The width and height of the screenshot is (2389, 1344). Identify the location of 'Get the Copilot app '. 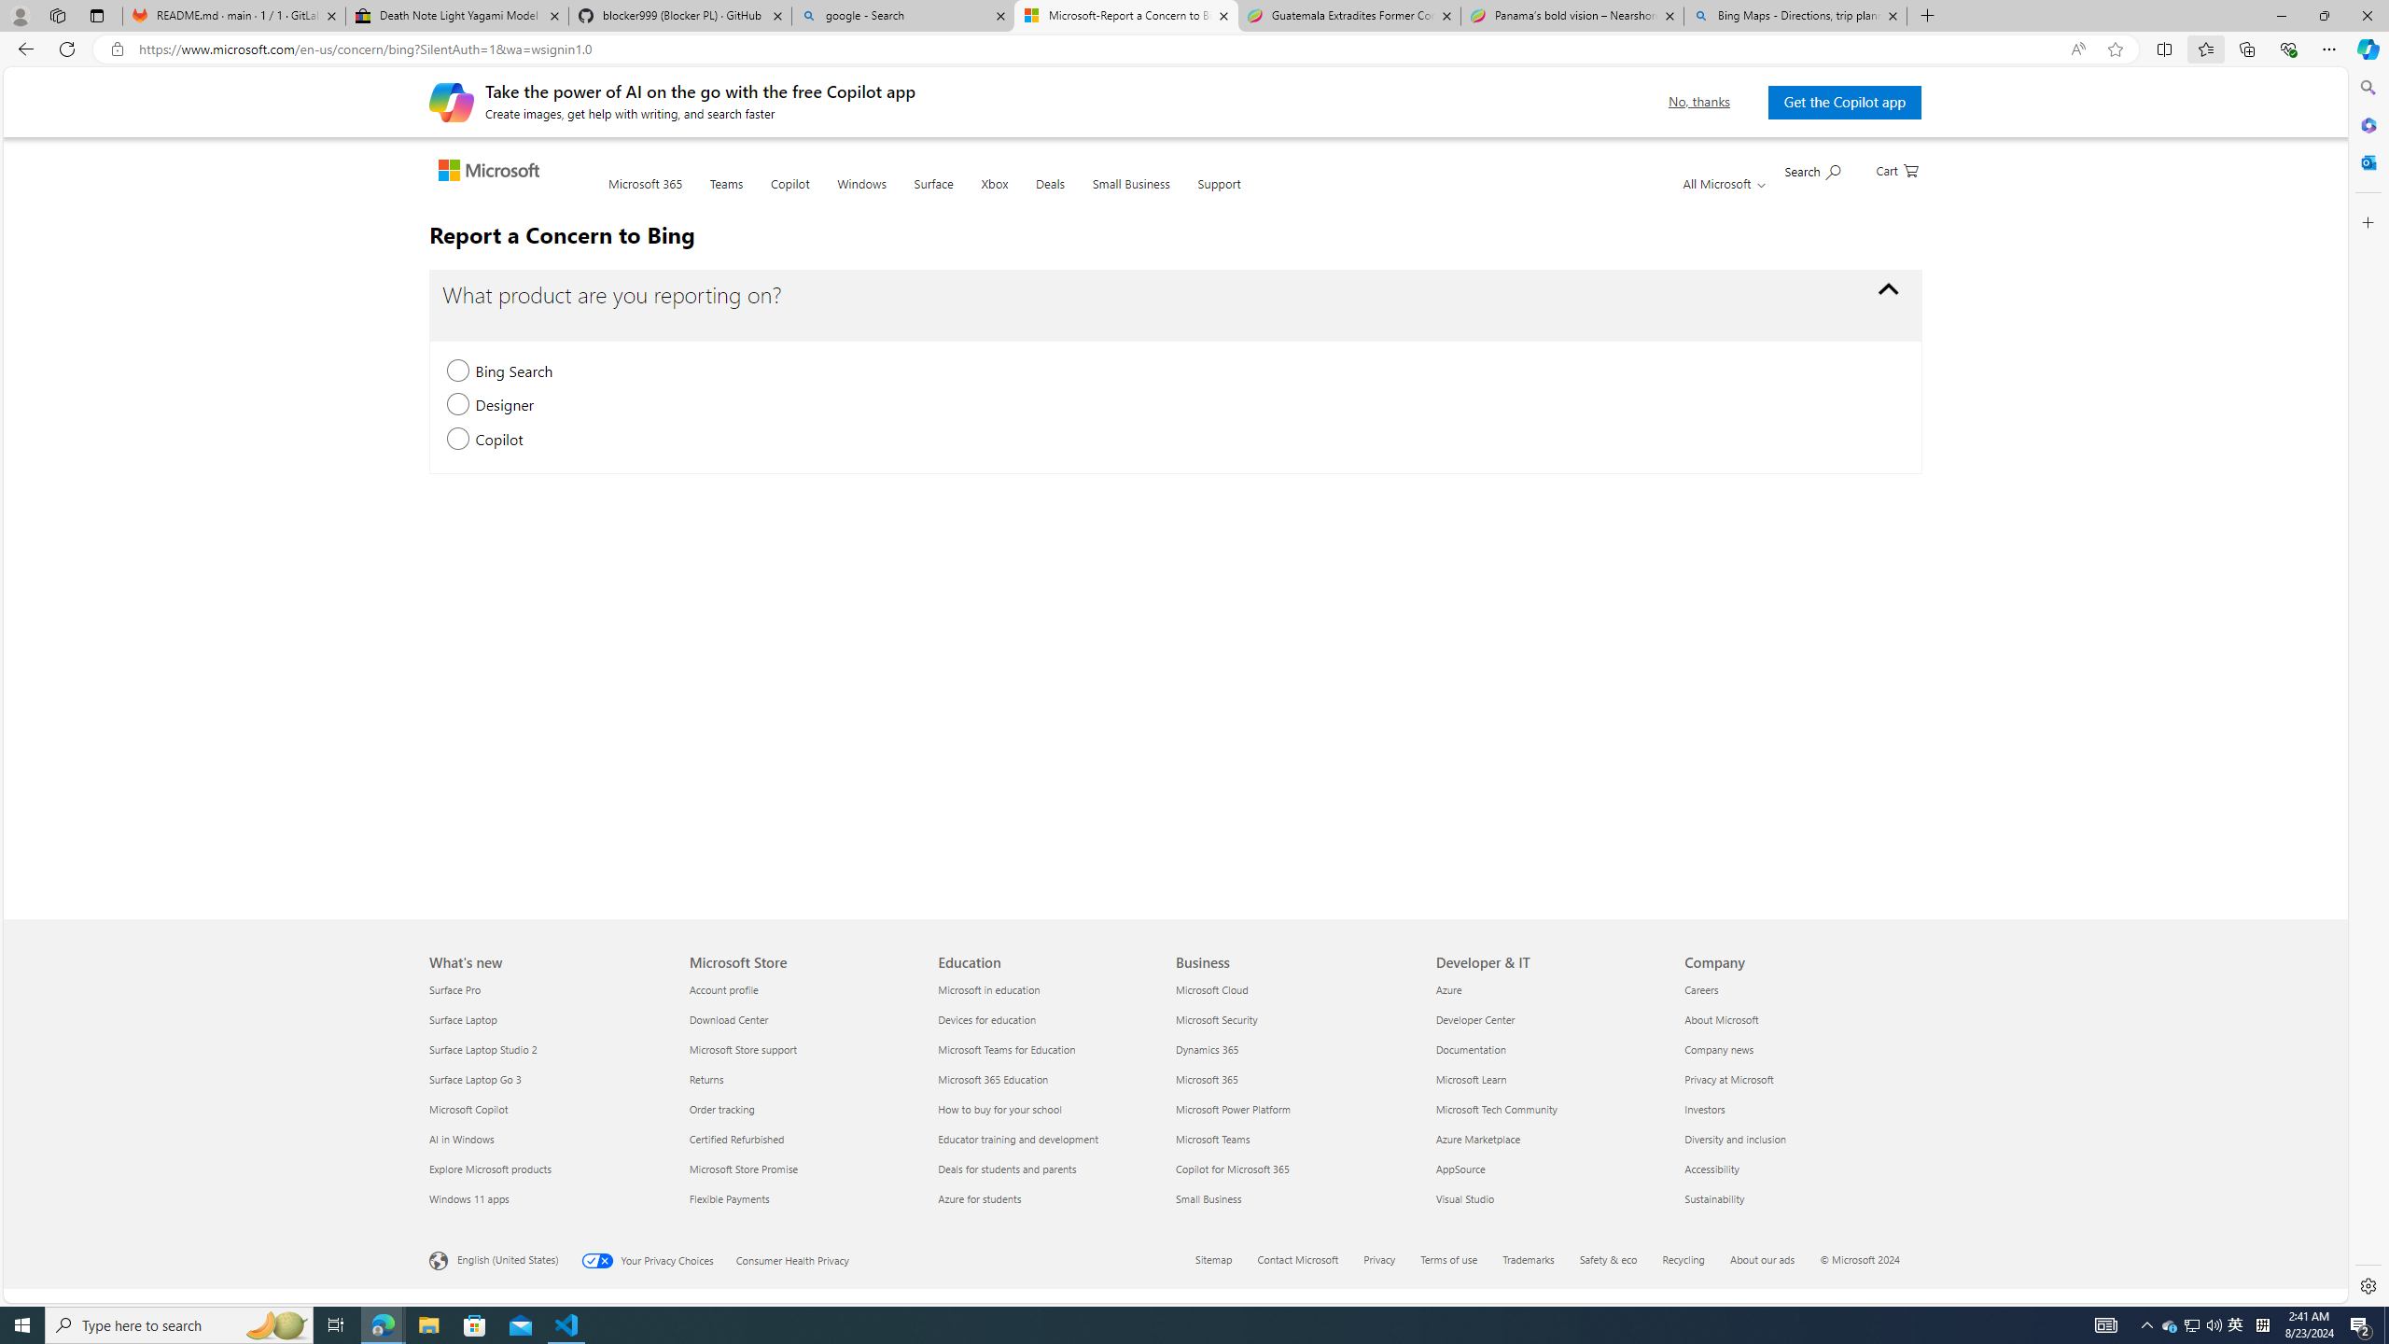
(1844, 101).